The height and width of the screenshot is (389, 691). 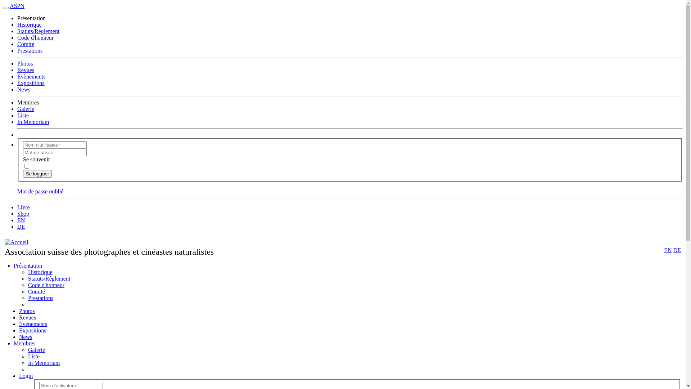 What do you see at coordinates (33, 356) in the screenshot?
I see `'Liste'` at bounding box center [33, 356].